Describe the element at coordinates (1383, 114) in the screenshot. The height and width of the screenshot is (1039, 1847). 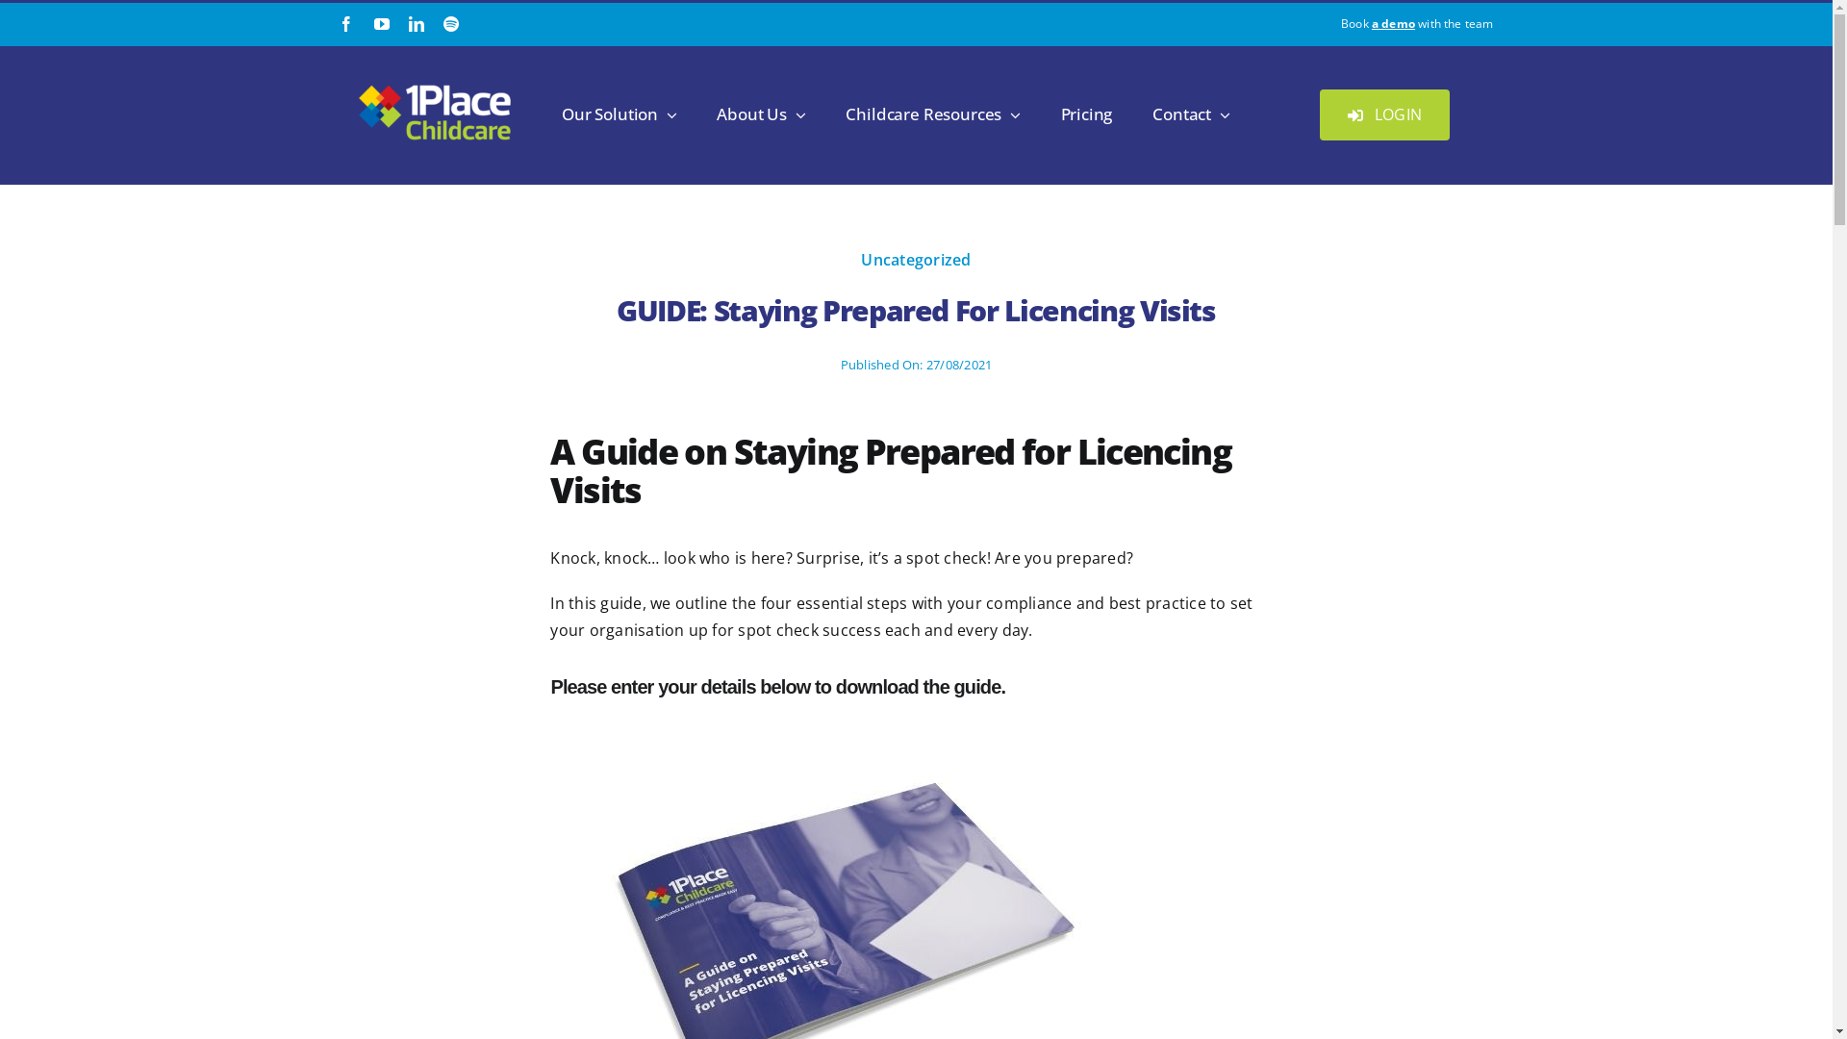
I see `'LOGIN'` at that location.